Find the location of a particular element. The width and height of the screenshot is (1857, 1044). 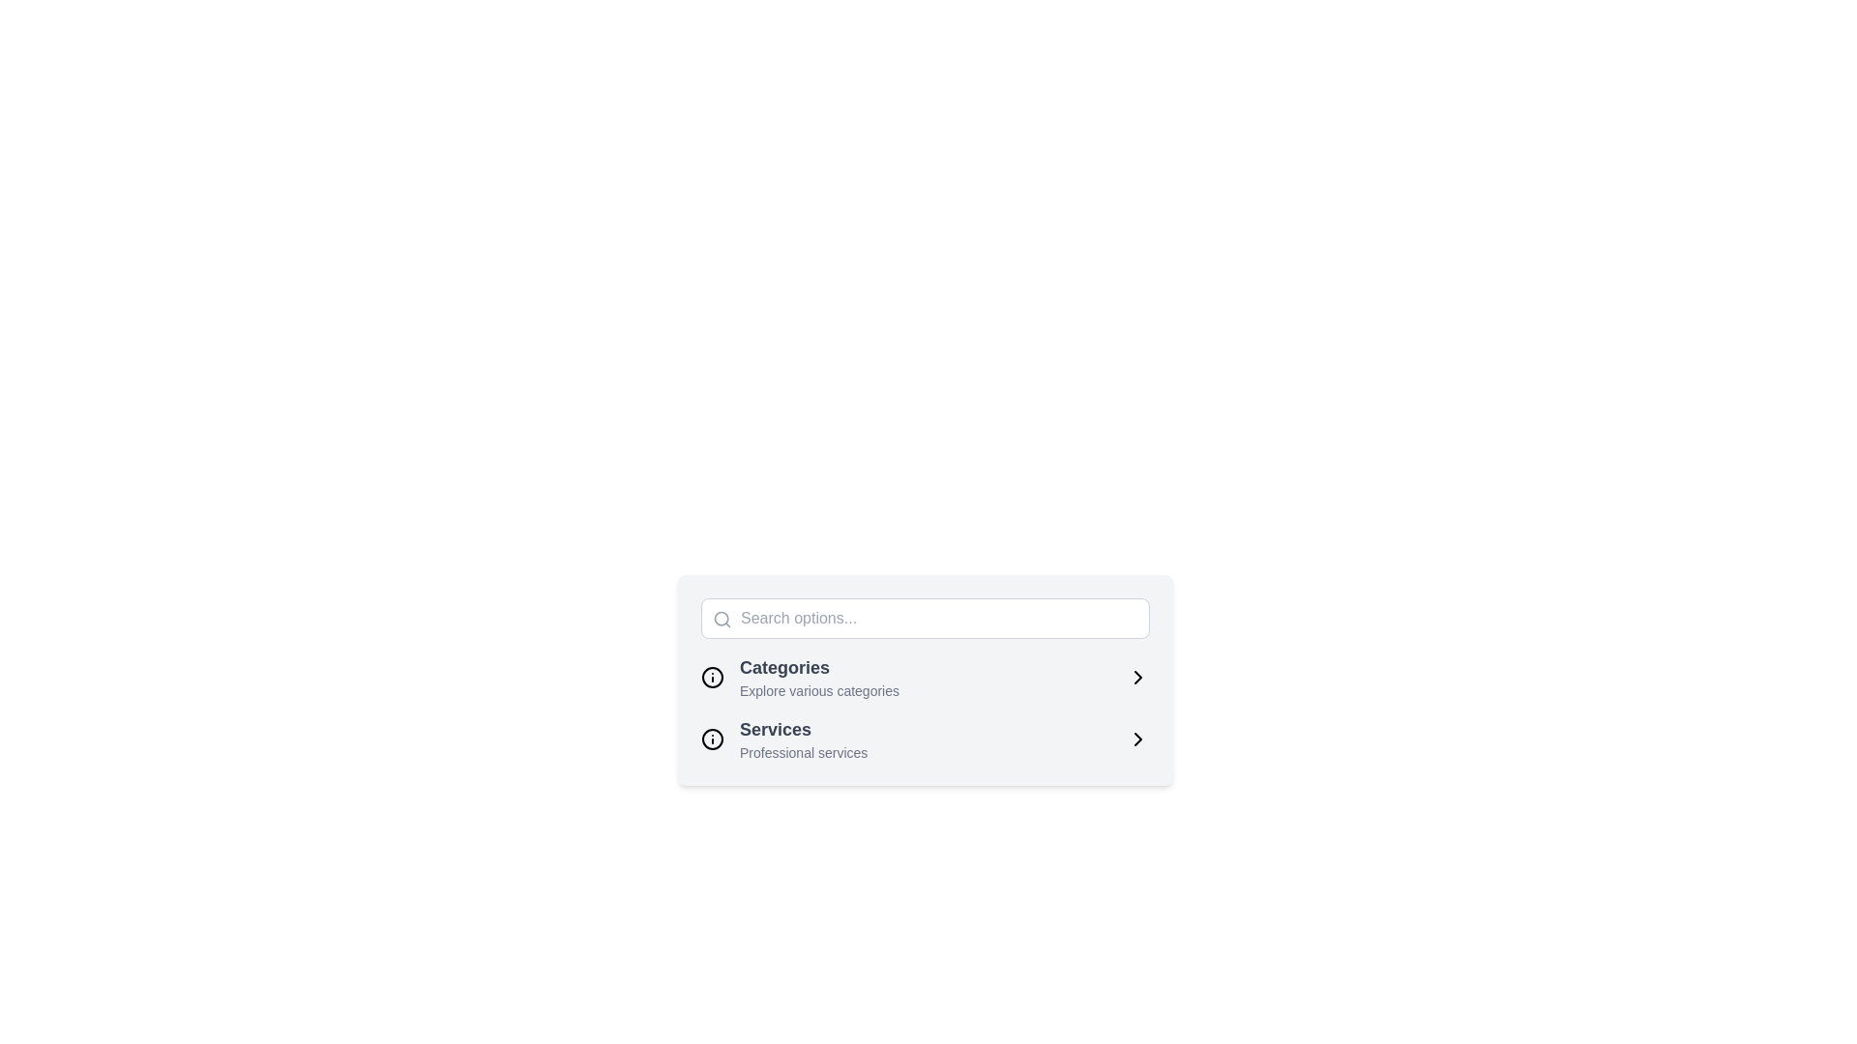

the outermost SVG Circle of the information icon located to the left of the 'Services' menu entry is located at coordinates (712, 677).